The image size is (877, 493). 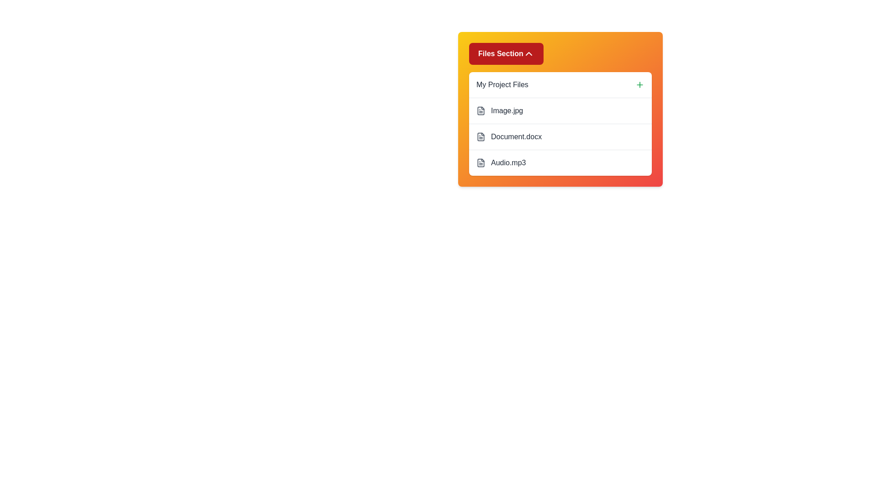 What do you see at coordinates (639, 84) in the screenshot?
I see `the '+' icon to add a new file` at bounding box center [639, 84].